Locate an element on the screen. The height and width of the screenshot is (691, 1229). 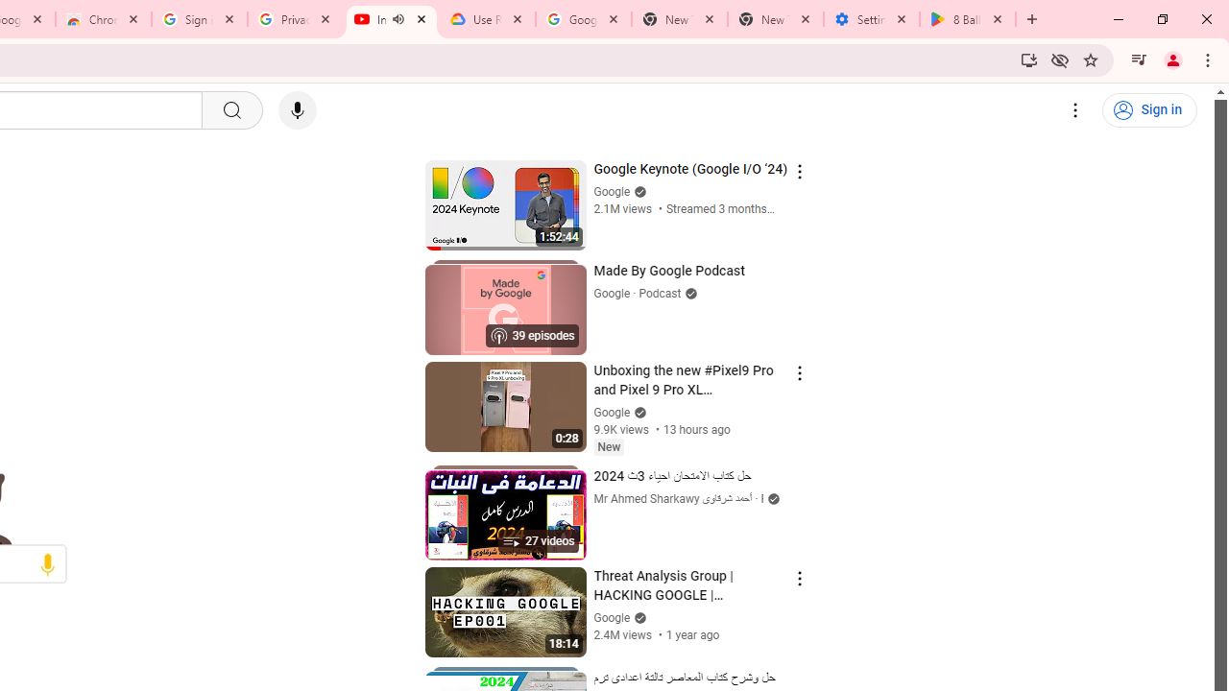
'Mute tab' is located at coordinates (397, 19).